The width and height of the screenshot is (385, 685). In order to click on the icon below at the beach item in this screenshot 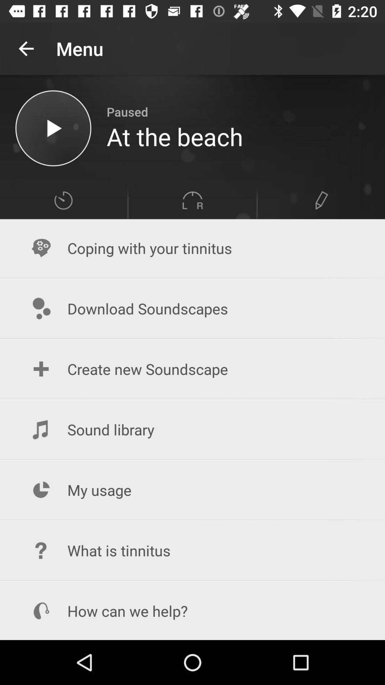, I will do `click(192, 200)`.